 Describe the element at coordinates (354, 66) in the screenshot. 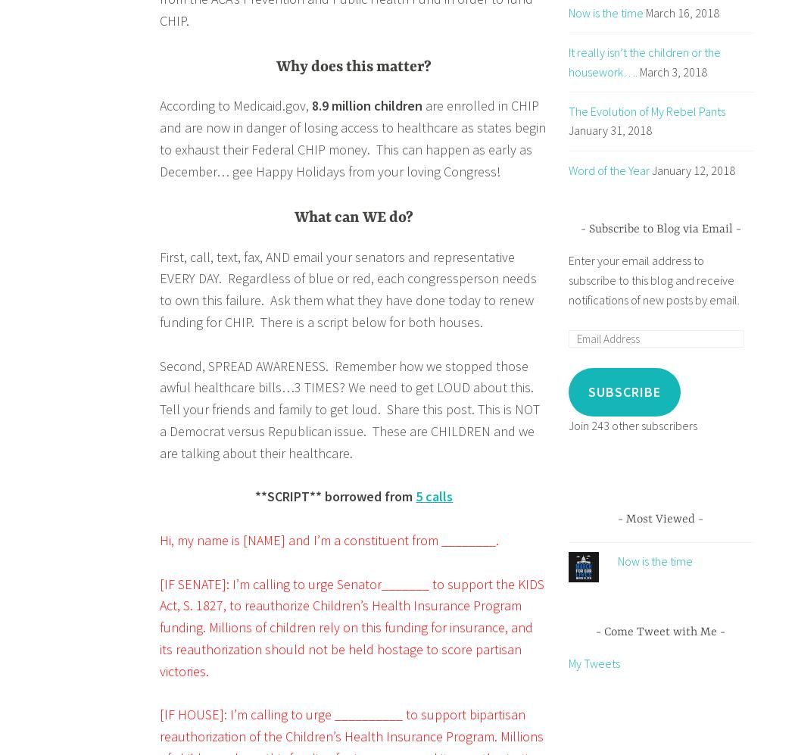

I see `'Why does this matter?'` at that location.